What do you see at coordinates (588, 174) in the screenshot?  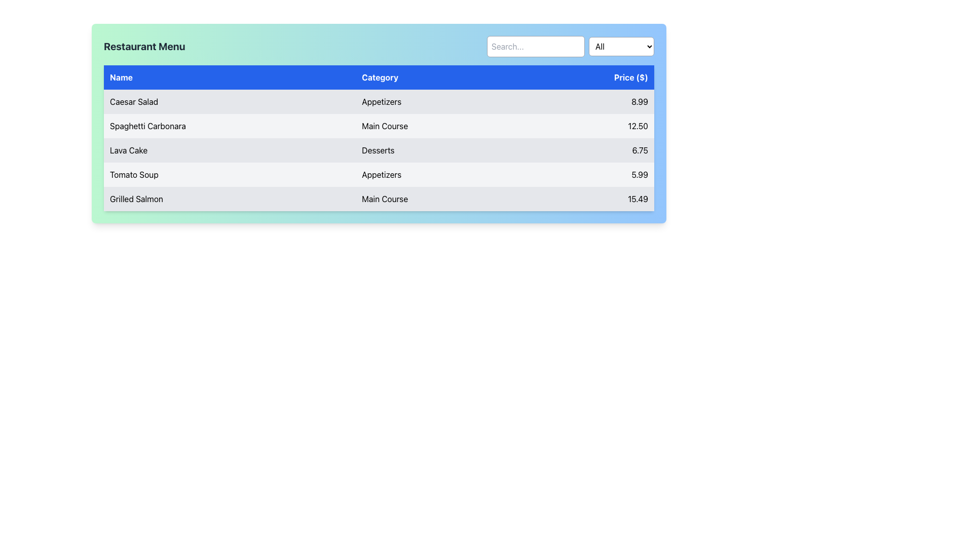 I see `the monetary value display of '5.99' in the last column of the fourth row of the table, which has a light gray background and is aligned to the right` at bounding box center [588, 174].